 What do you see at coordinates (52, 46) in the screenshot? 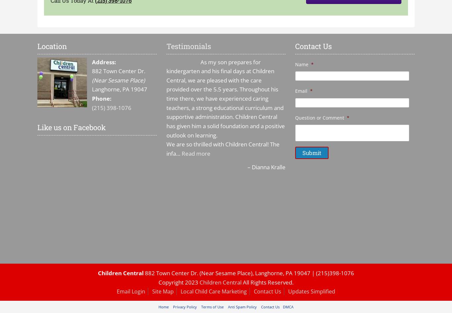
I see `'Location'` at bounding box center [52, 46].